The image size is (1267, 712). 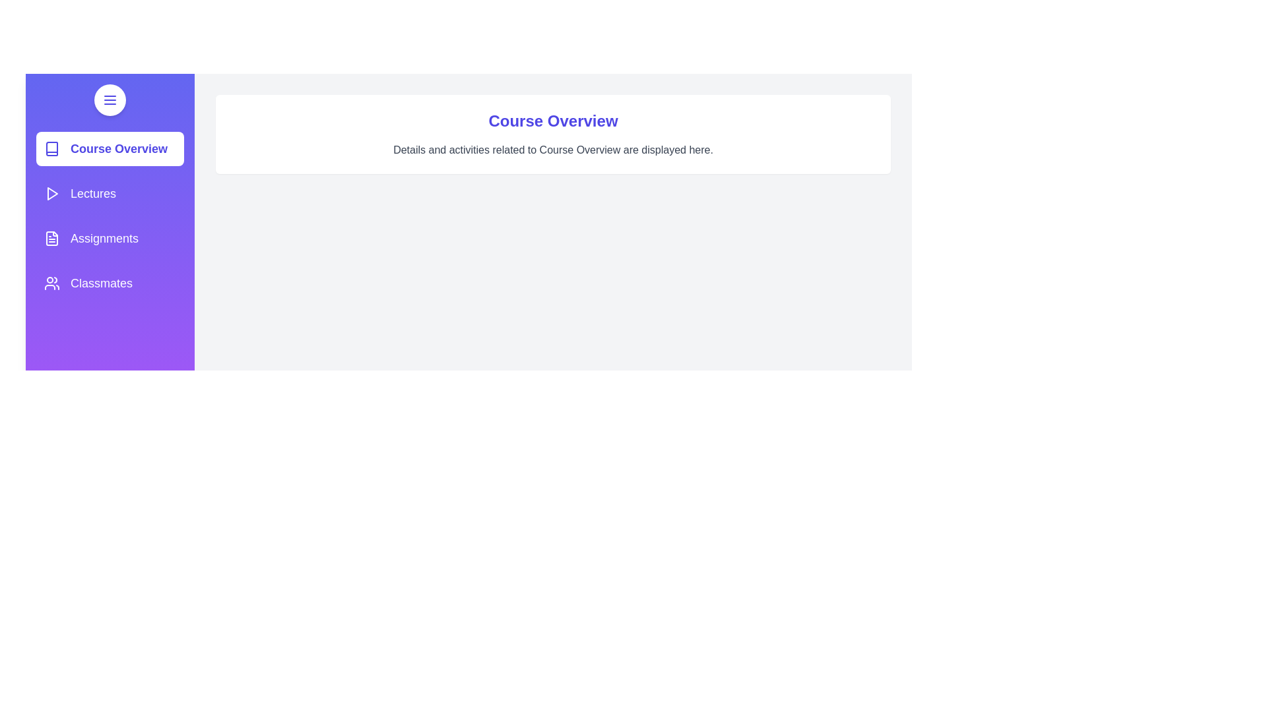 What do you see at coordinates (110, 239) in the screenshot?
I see `the menu section labeled Assignments` at bounding box center [110, 239].